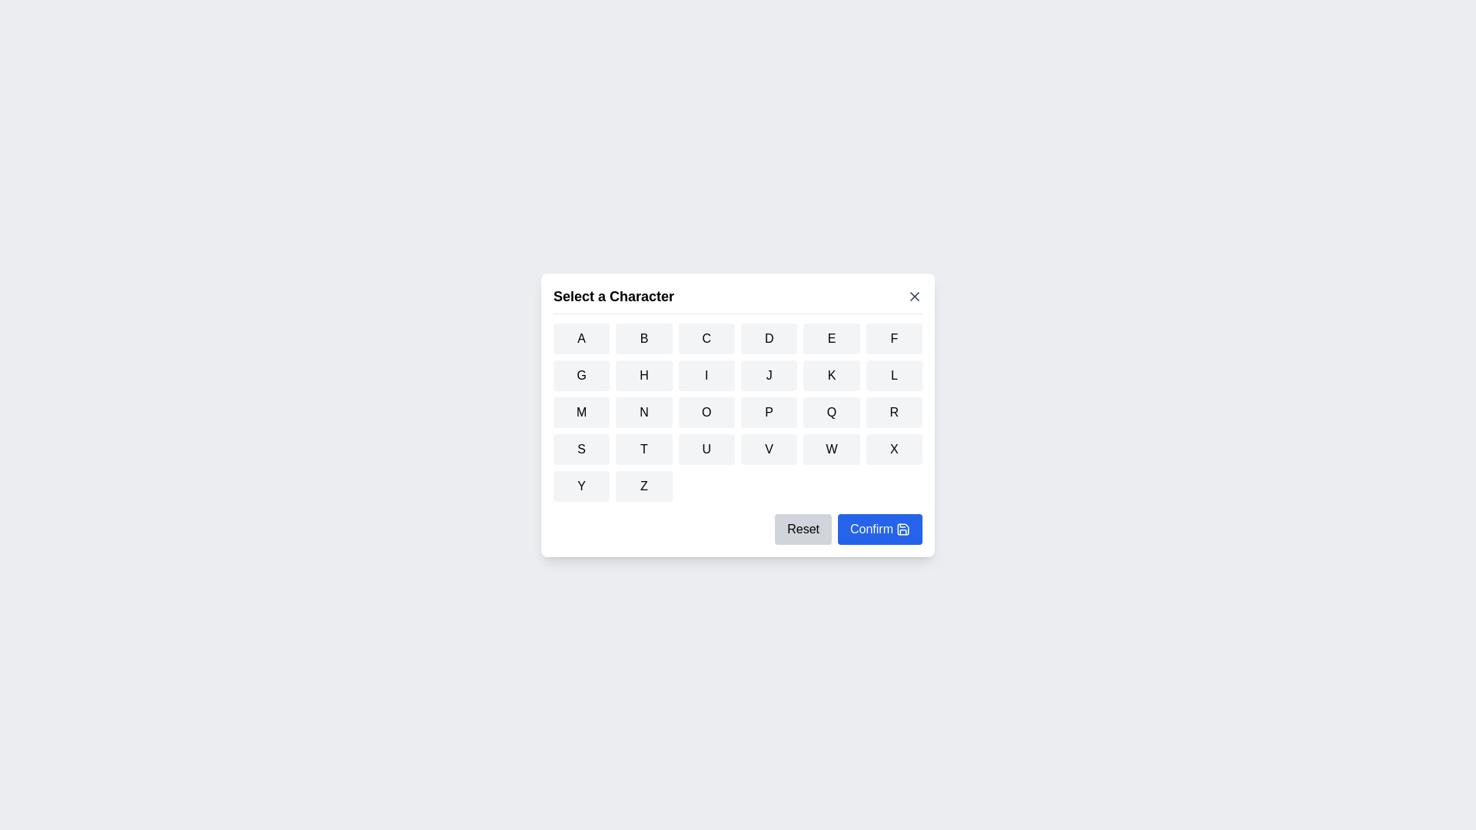 Image resolution: width=1476 pixels, height=830 pixels. What do you see at coordinates (580, 448) in the screenshot?
I see `the button corresponding to the character S to select it` at bounding box center [580, 448].